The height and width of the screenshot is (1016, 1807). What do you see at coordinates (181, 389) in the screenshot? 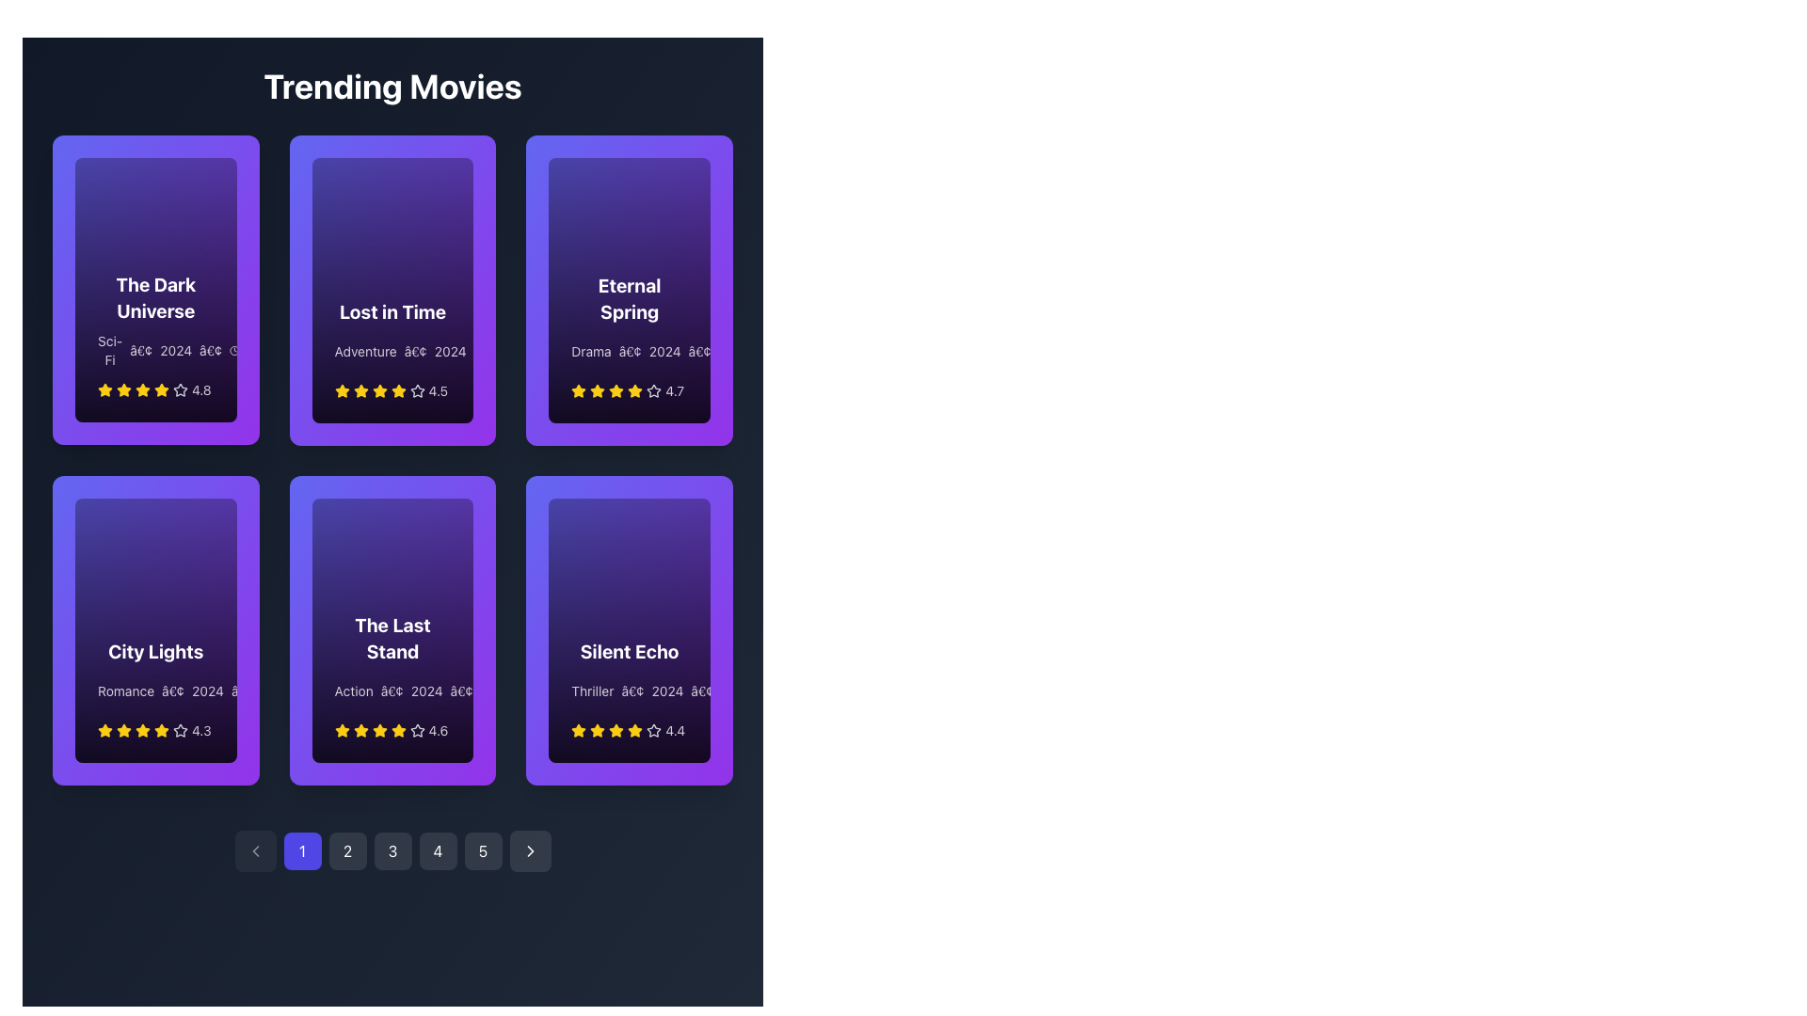
I see `the sixth star icon in the rating display of 'The Dark Universe' card located in the 'Trending Movies' section` at bounding box center [181, 389].